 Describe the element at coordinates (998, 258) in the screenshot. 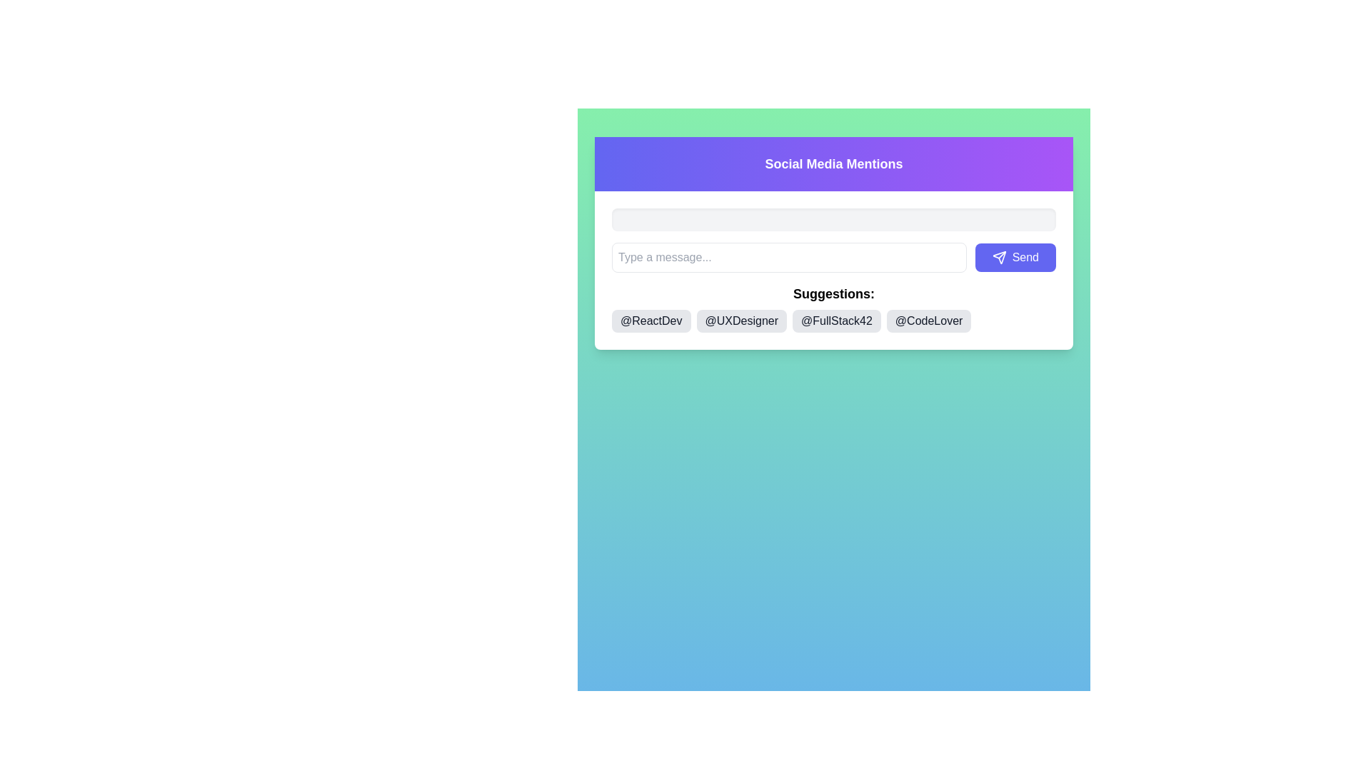

I see `the send icon, which resembles a simplified paper airplane, located at the top-right corner of the input area in the application interface` at that location.